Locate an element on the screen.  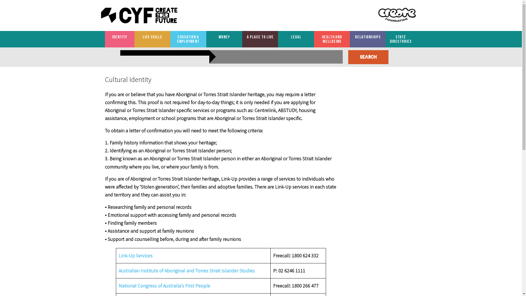
'Link-Up Services' is located at coordinates (135, 255).